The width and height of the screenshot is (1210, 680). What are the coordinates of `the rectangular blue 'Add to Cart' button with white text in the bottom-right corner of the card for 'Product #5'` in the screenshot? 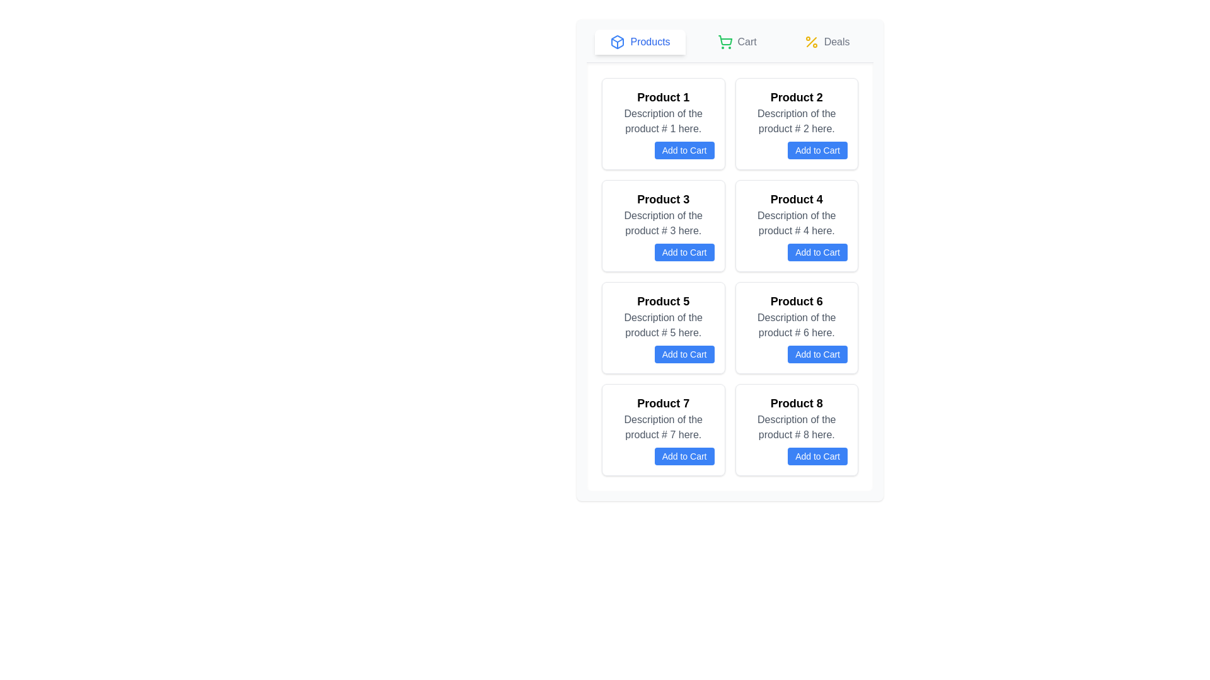 It's located at (684, 354).